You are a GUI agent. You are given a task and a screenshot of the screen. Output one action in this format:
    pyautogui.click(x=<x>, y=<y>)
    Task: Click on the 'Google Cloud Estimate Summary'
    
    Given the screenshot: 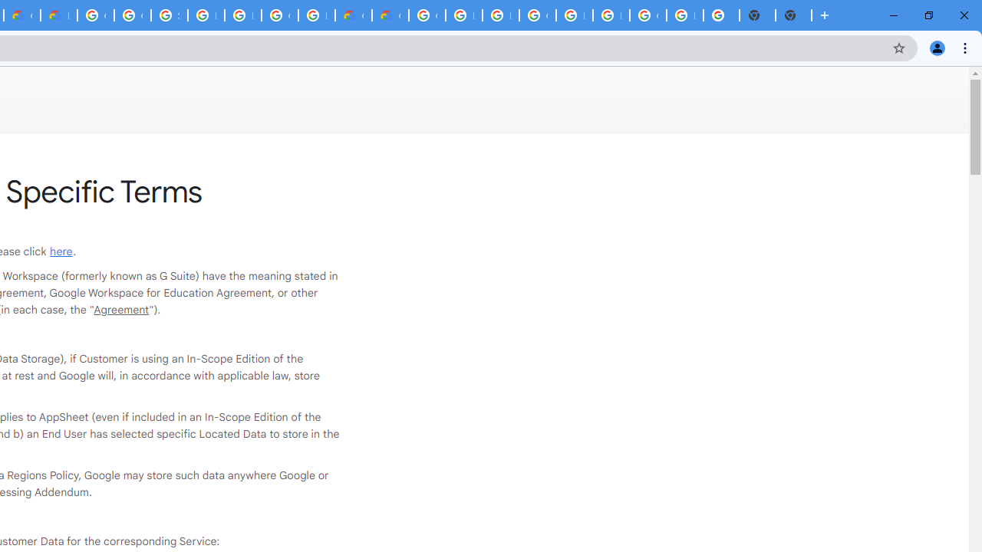 What is the action you would take?
    pyautogui.click(x=390, y=15)
    